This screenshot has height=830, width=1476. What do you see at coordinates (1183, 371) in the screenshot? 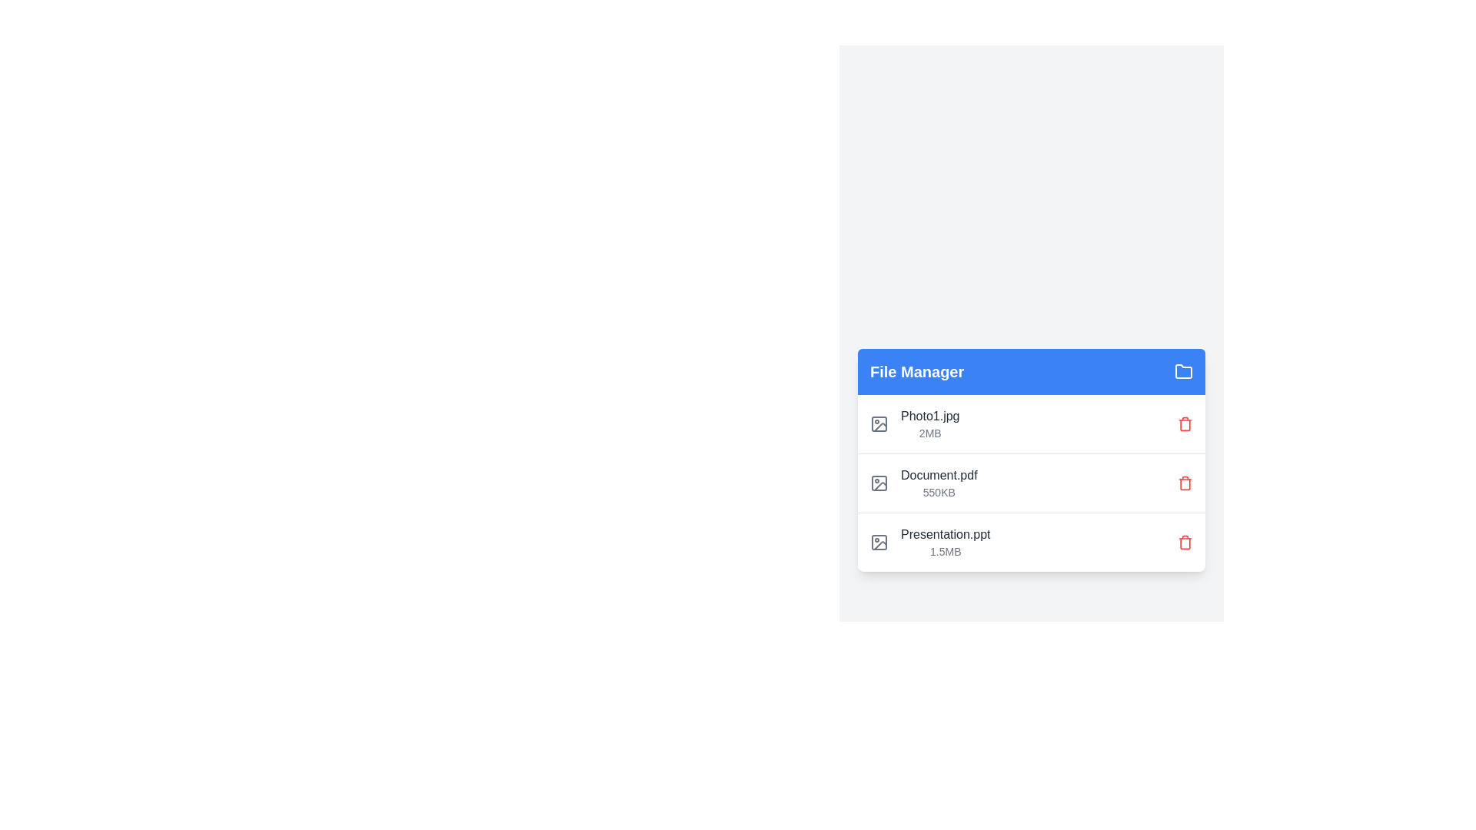
I see `the icon located in the top-right corner of the blue section labeled 'File Manager' to possibly display a tooltip` at bounding box center [1183, 371].